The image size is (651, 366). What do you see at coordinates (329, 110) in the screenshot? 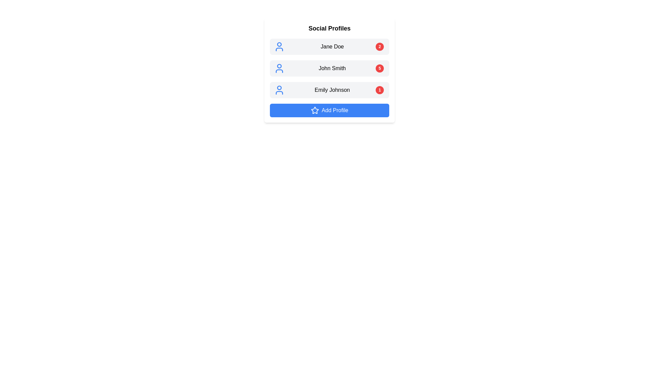
I see `the button located under the 'Social Profiles' section, which allows users to add a new profile, to observe the hover effect` at bounding box center [329, 110].